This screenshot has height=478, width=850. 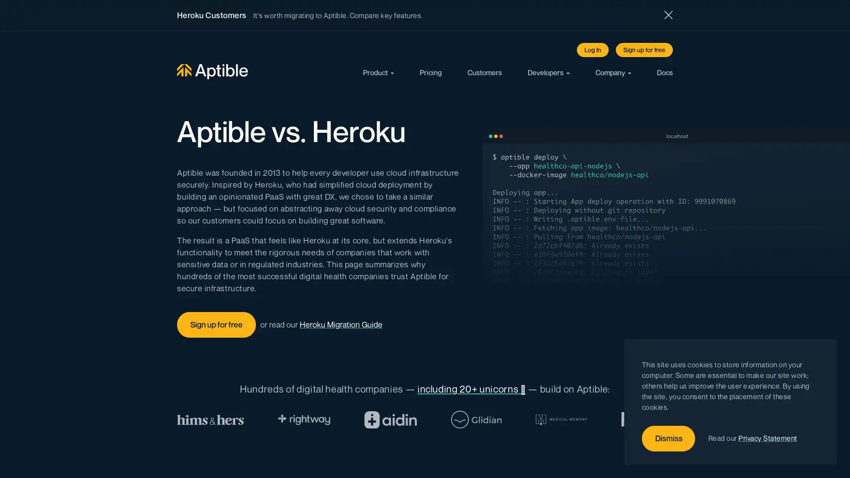 What do you see at coordinates (644, 50) in the screenshot?
I see `Sign up for free` at bounding box center [644, 50].